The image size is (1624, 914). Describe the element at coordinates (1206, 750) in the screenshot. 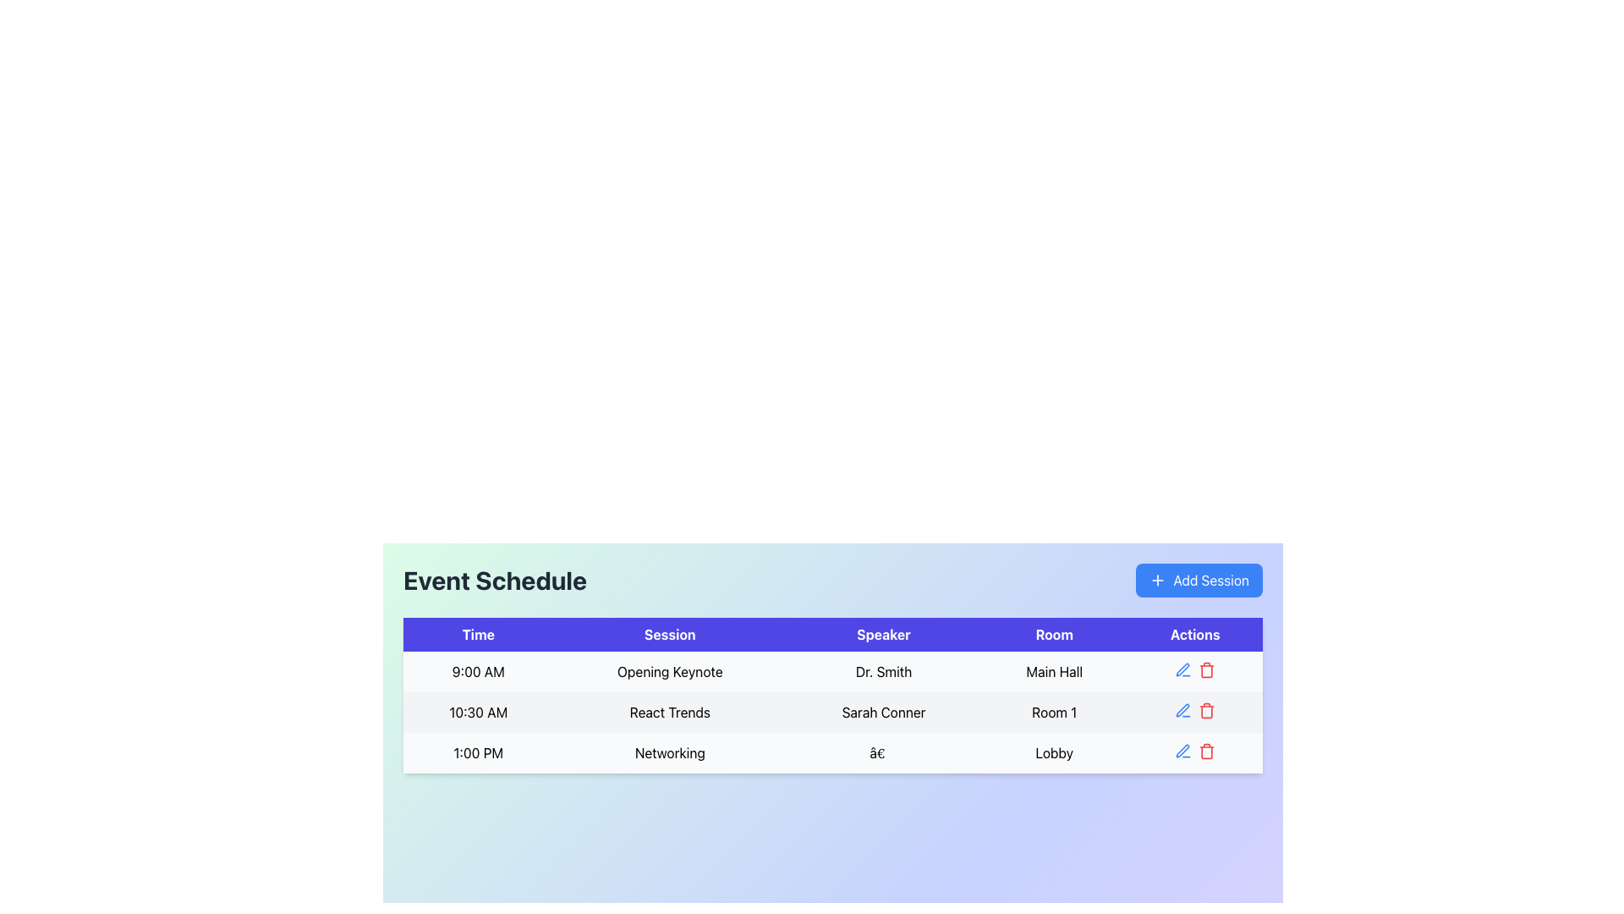

I see `the trash icon, which is a red delete button located in the 'Actions' column of the last row in the event schedule table` at that location.